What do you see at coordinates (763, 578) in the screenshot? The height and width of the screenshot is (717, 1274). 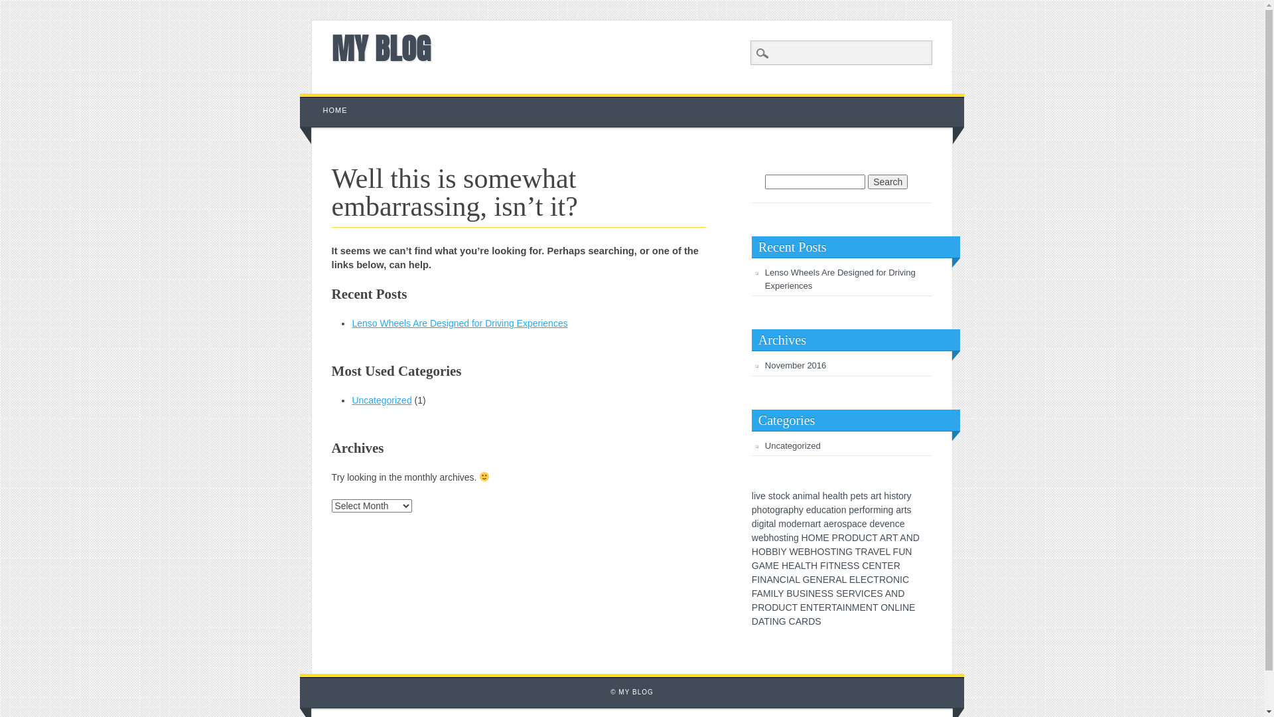 I see `'N'` at bounding box center [763, 578].